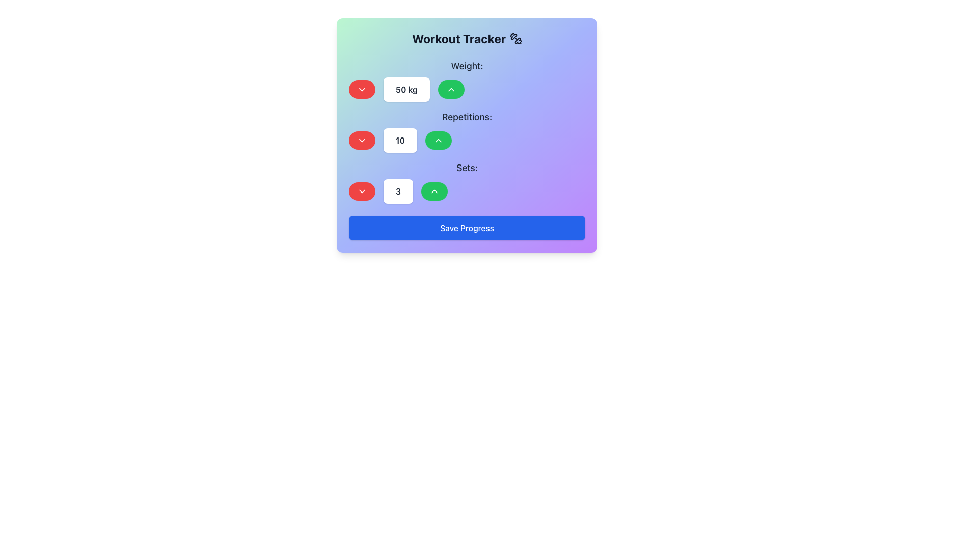 The image size is (978, 550). Describe the element at coordinates (466, 182) in the screenshot. I see `the green upward chevron button located above the number '3' in the 'Sets:' adjustment panel to increase the number` at that location.